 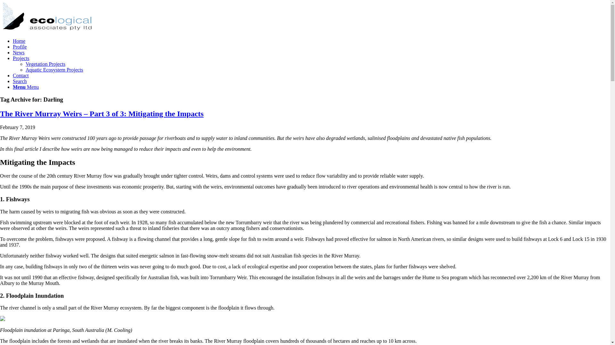 I want to click on 'Search', so click(x=20, y=81).